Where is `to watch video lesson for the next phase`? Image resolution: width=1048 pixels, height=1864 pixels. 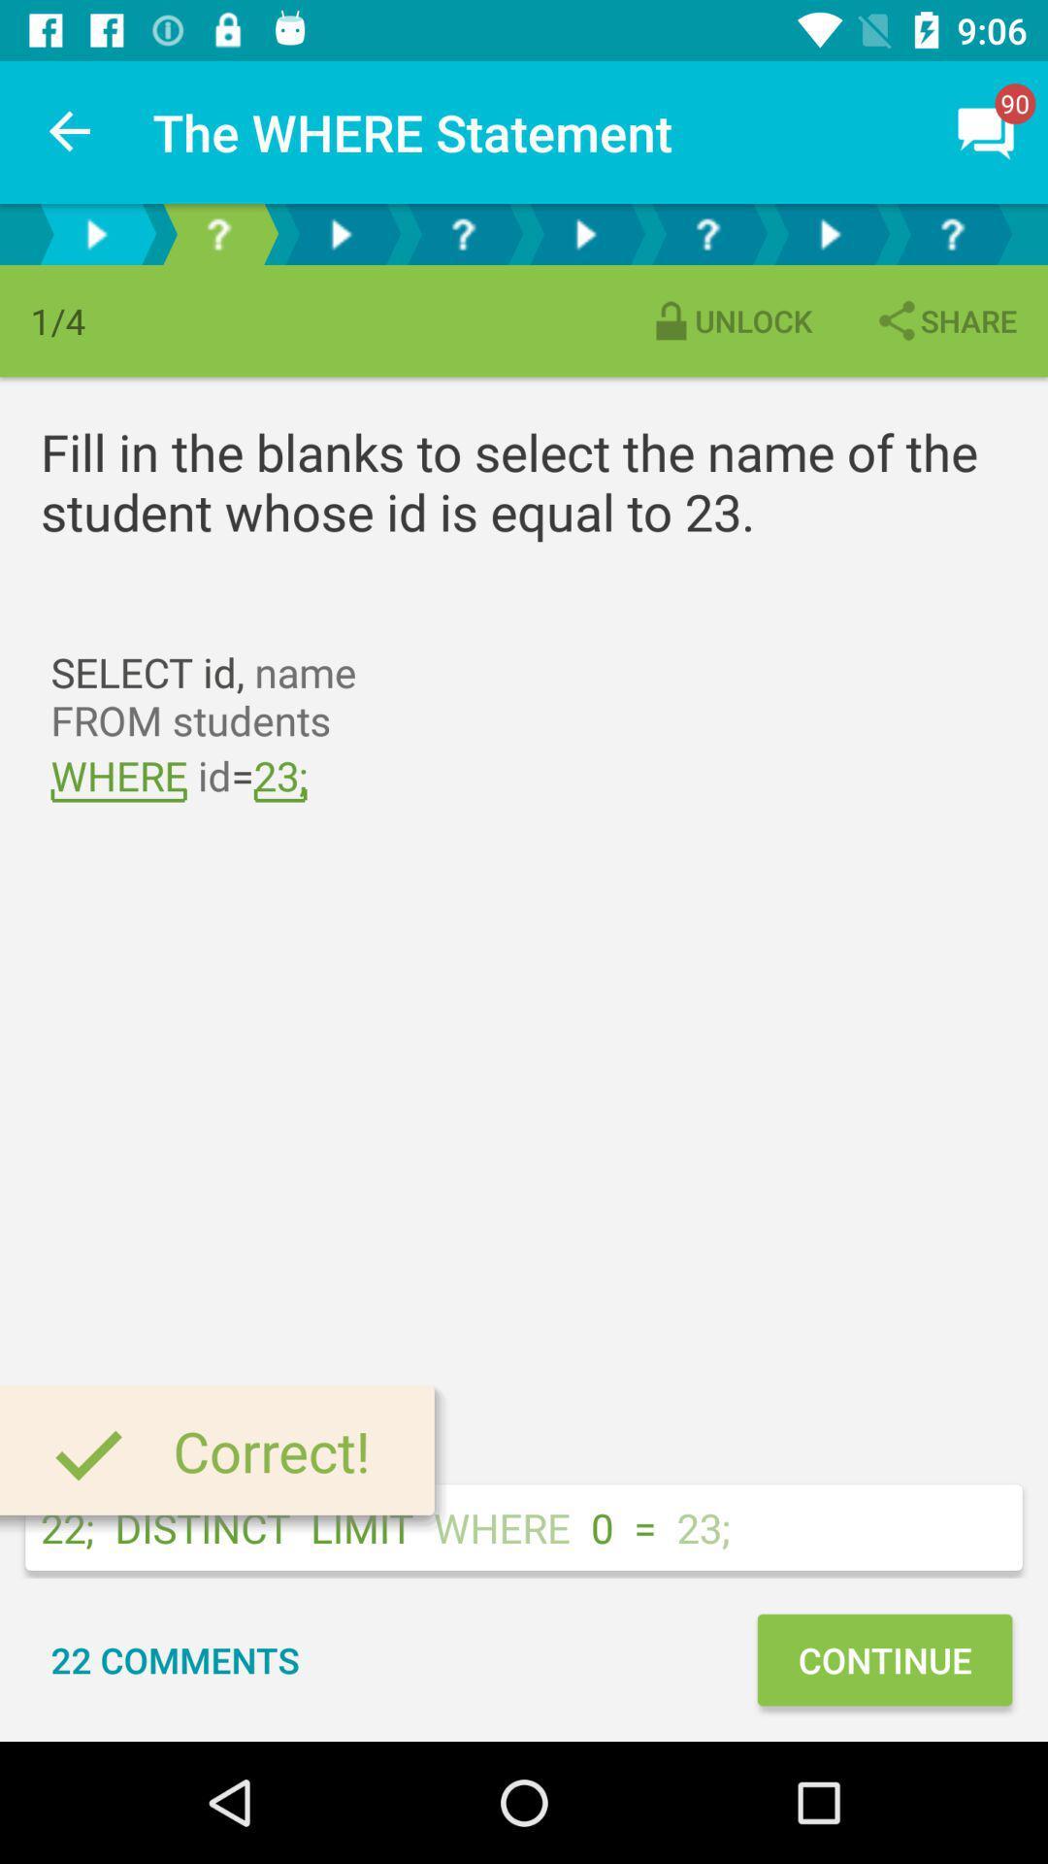
to watch video lesson for the next phase is located at coordinates (340, 233).